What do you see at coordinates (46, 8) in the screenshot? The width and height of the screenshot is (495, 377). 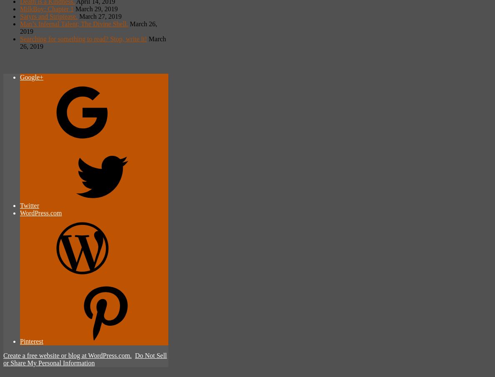 I see `'MilkBoy: Chapter 1'` at bounding box center [46, 8].